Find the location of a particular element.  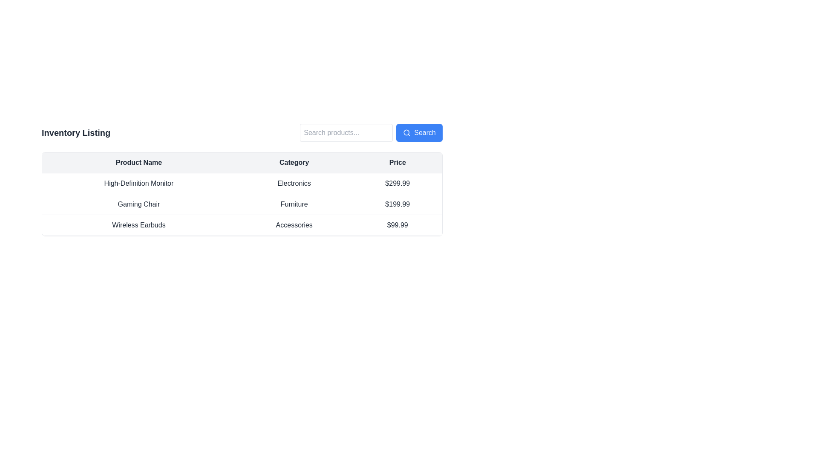

the table header cell displaying 'Product Name' in bold, black font with a light gray background is located at coordinates (139, 163).